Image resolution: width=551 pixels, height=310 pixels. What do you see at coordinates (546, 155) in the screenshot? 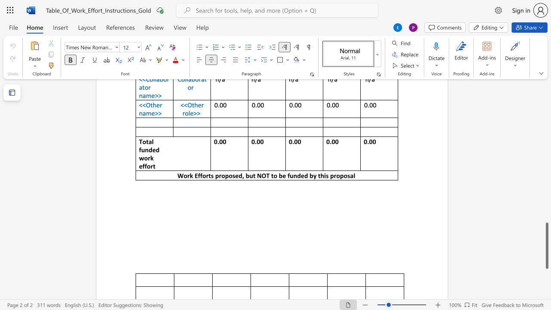
I see `the scrollbar to move the page upward` at bounding box center [546, 155].